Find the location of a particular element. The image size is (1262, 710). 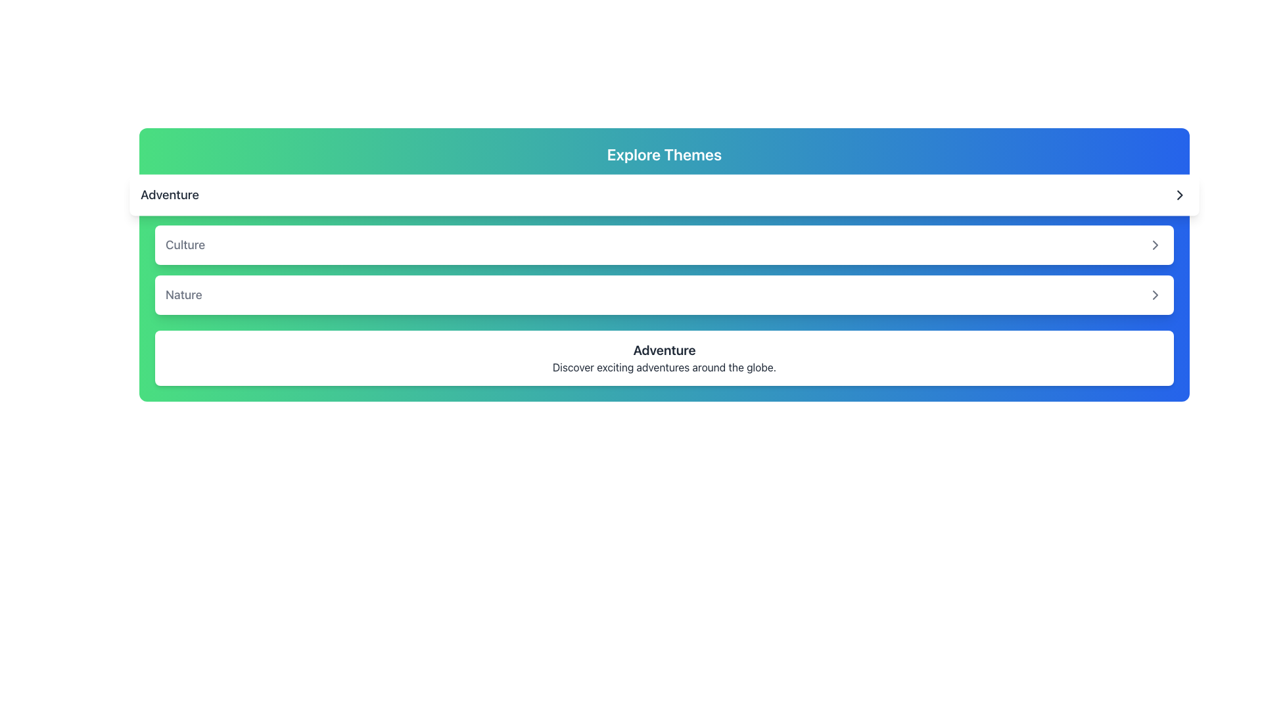

the right-pointing chevron icon located at the far right side of the 'Culture' list item row is located at coordinates (1154, 245).